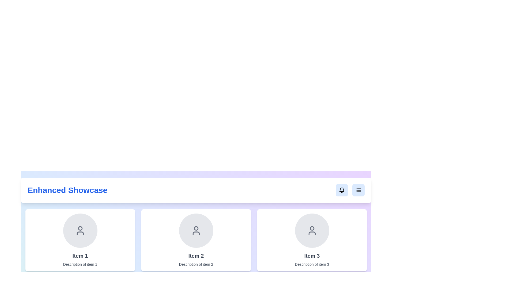 Image resolution: width=514 pixels, height=289 pixels. I want to click on the Decorative user profile icon within a circular background located at the center top of the card labeled 'Item 1', so click(80, 230).